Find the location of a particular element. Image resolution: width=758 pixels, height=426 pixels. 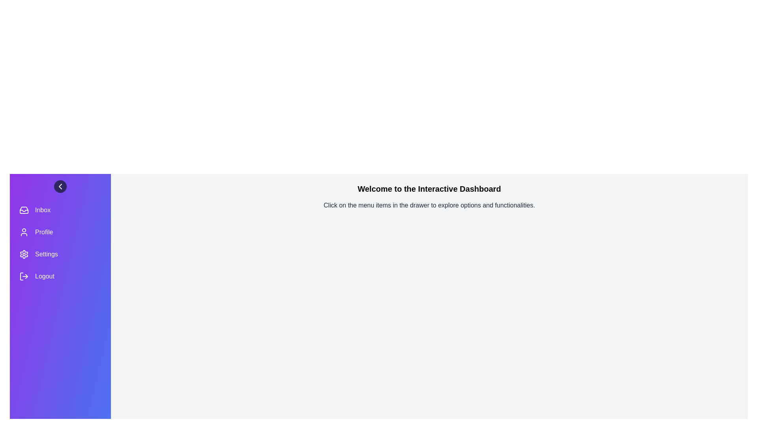

the drawer toggle button to change its state is located at coordinates (60, 187).